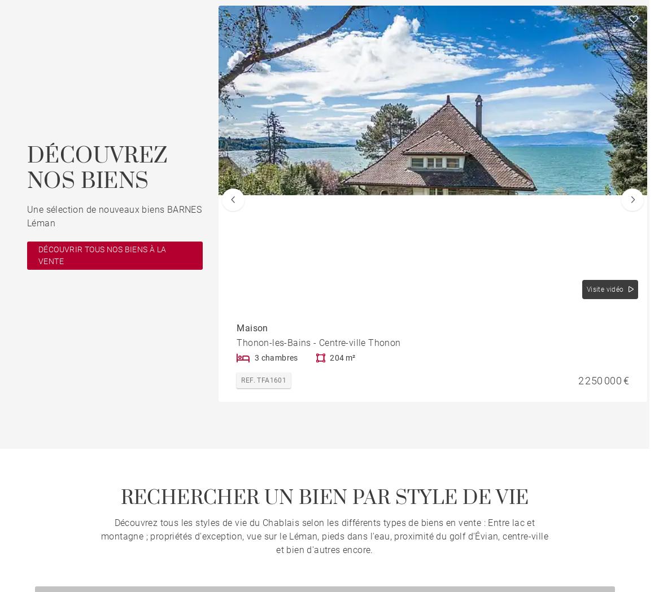  What do you see at coordinates (263, 379) in the screenshot?
I see `'REF. TFA1601'` at bounding box center [263, 379].